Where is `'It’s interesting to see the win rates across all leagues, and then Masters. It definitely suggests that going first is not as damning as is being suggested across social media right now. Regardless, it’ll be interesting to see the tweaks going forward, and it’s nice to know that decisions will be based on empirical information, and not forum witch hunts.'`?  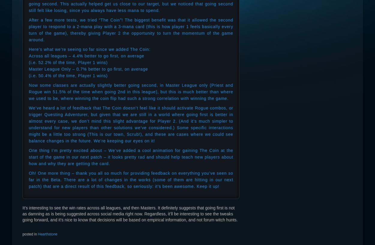 'It’s interesting to see the win rates across all leagues, and then Masters. It definitely suggests that going first is not as damning as is being suggested across social media right now. Regardless, it’ll be interesting to see the tweaks going forward, and it’s nice to know that decisions will be based on empirical information, and not forum witch hunts.' is located at coordinates (22, 213).